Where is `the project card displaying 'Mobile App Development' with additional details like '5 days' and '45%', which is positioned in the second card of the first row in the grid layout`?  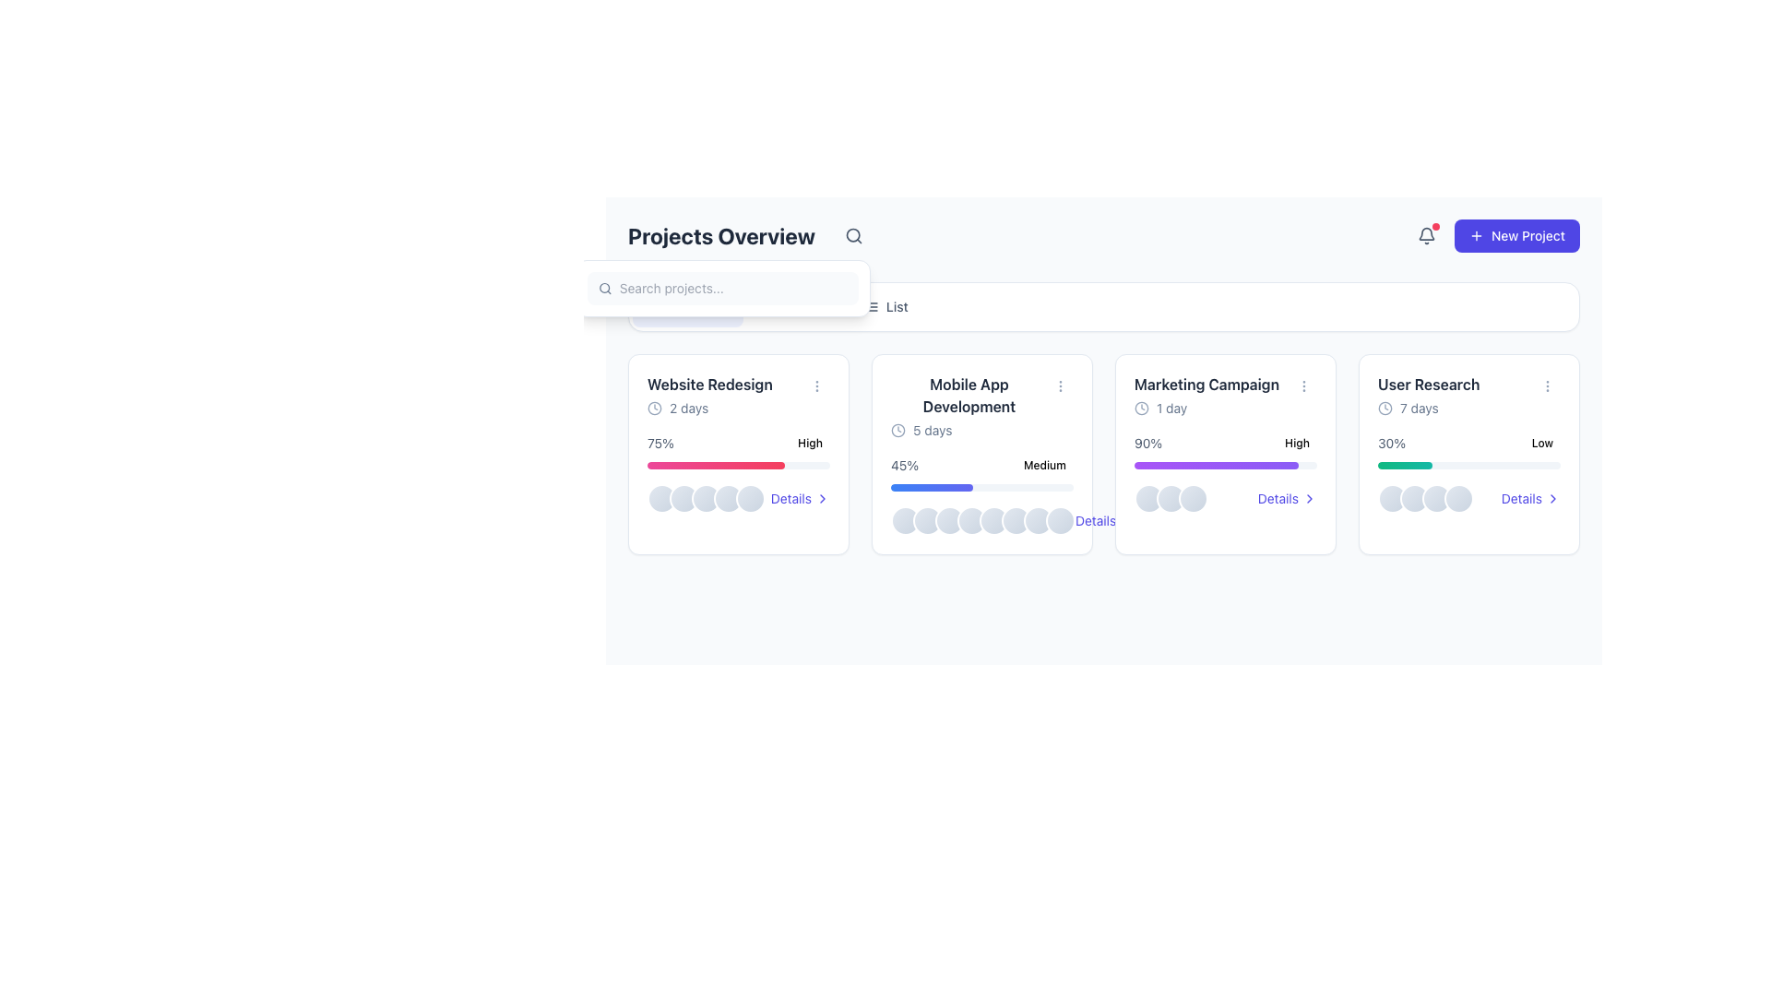
the project card displaying 'Mobile App Development' with additional details like '5 days' and '45%', which is positioned in the second card of the first row in the grid layout is located at coordinates (981, 455).